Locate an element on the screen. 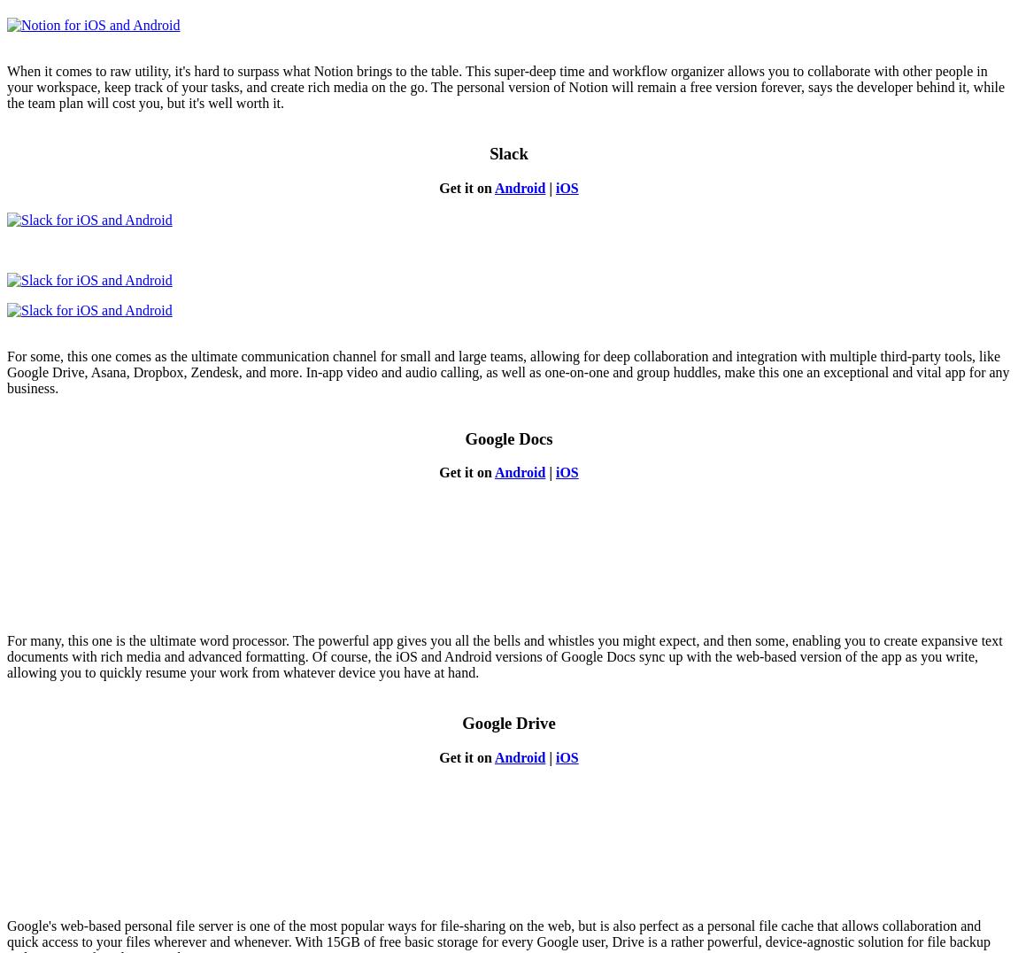 Image resolution: width=1018 pixels, height=953 pixels. 'When it comes to raw utility, it's hard to surpass what Notion brings to the table. This super-deep time and workflow organizer allows you to collaborate with other people in your workspace, keep track of your tasks, and create rich media on the go. The personal version of Notion will remain a free version forever, says the developer behind it, while the team plan will cost you, but it's well worth it.' is located at coordinates (505, 86).